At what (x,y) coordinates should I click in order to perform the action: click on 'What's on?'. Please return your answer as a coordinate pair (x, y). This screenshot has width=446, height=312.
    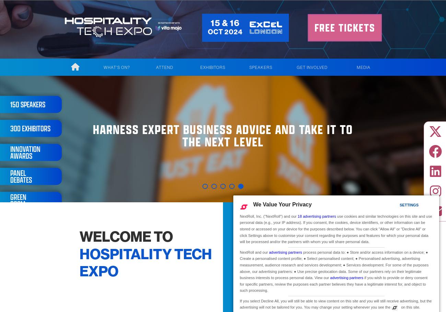
    Looking at the image, I should click on (103, 67).